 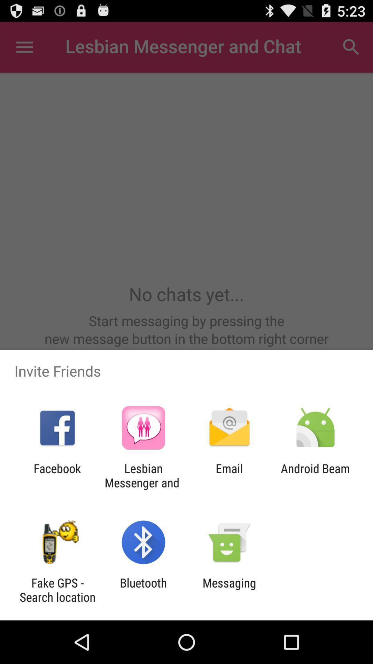 What do you see at coordinates (57, 590) in the screenshot?
I see `the item to the left of the bluetooth item` at bounding box center [57, 590].